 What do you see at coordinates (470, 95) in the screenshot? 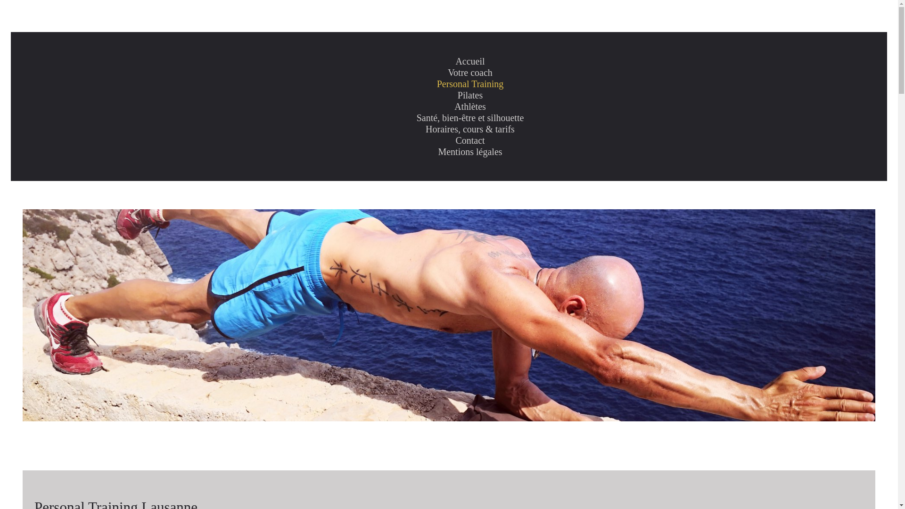
I see `'Pilates'` at bounding box center [470, 95].